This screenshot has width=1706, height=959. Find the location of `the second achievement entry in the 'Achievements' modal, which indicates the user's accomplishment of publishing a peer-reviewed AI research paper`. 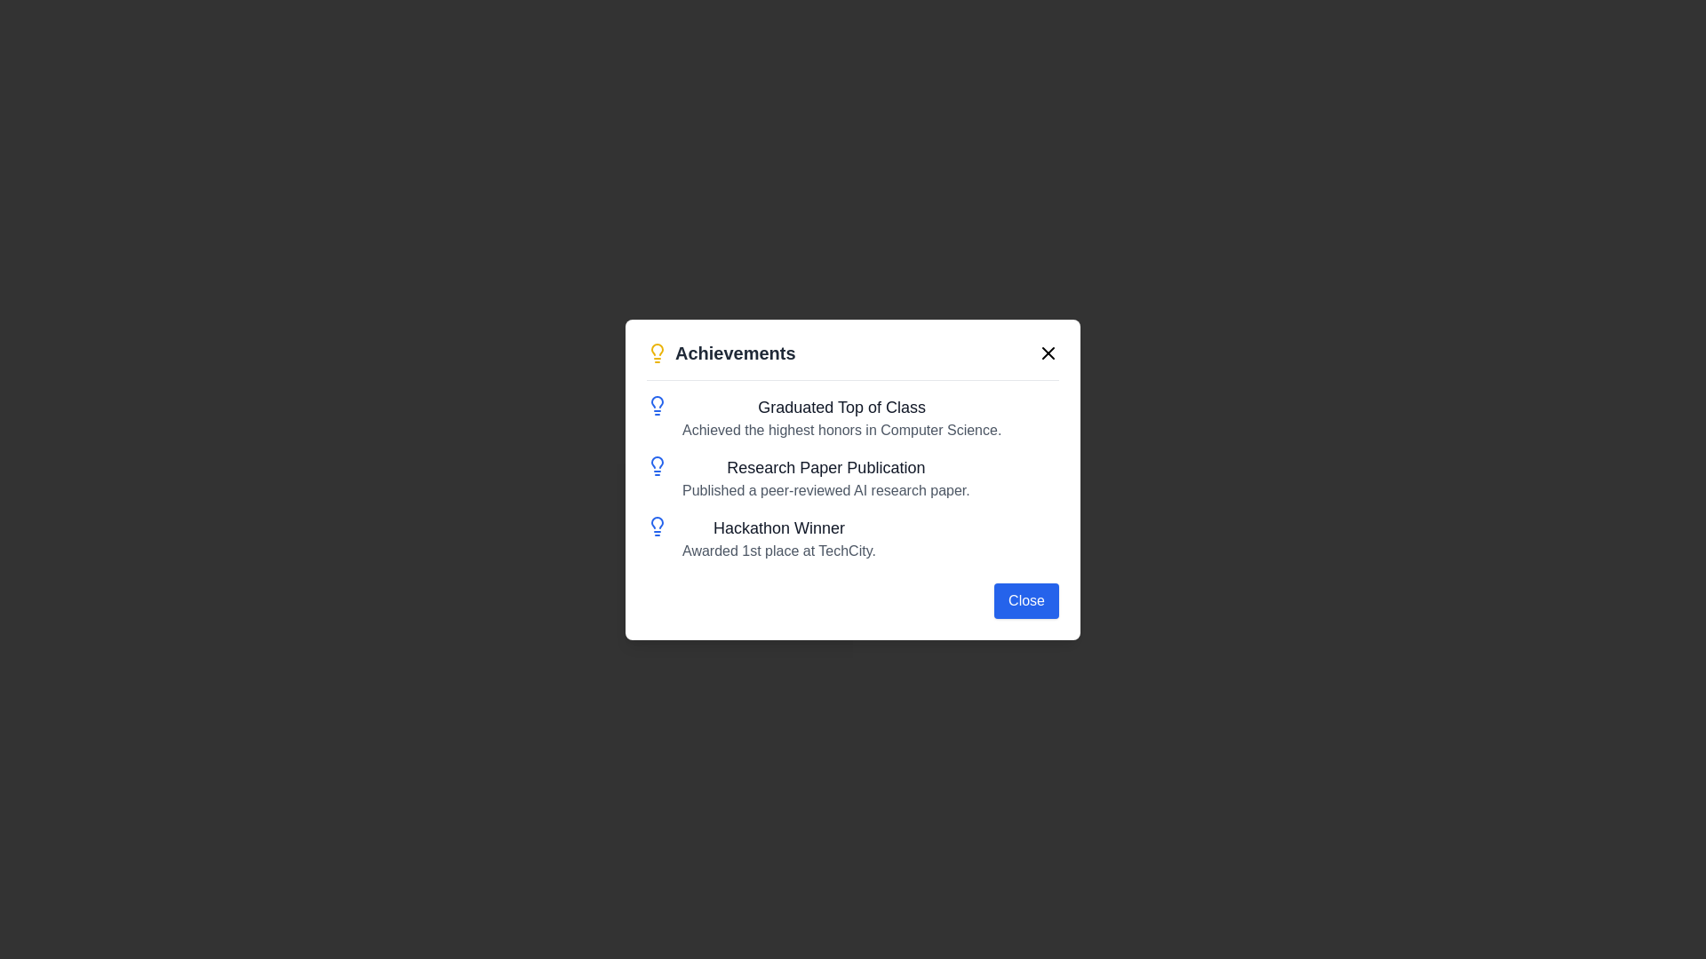

the second achievement entry in the 'Achievements' modal, which indicates the user's accomplishment of publishing a peer-reviewed AI research paper is located at coordinates (853, 476).